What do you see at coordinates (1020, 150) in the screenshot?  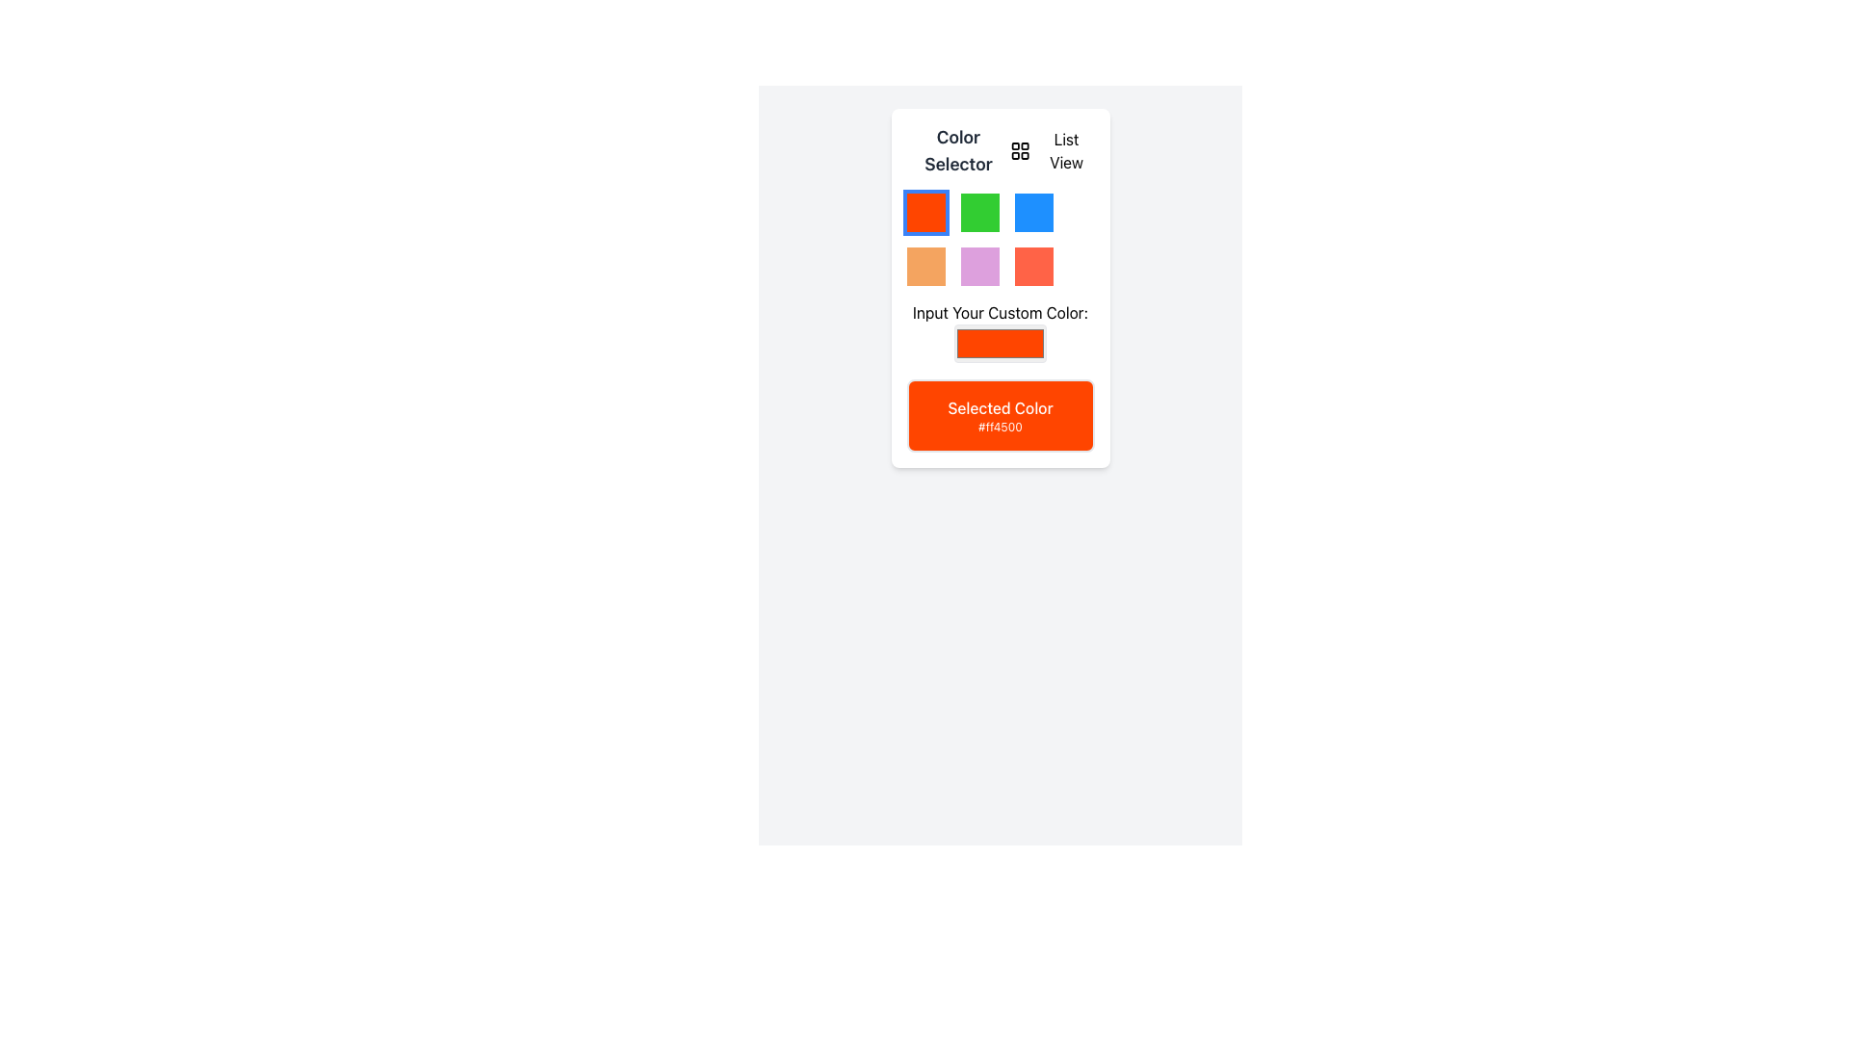 I see `the grid layout icon, which is styled with thin black strokes and composed of four smaller squares arranged in a 2x2 grid, located near the top-right corner of the application card` at bounding box center [1020, 150].